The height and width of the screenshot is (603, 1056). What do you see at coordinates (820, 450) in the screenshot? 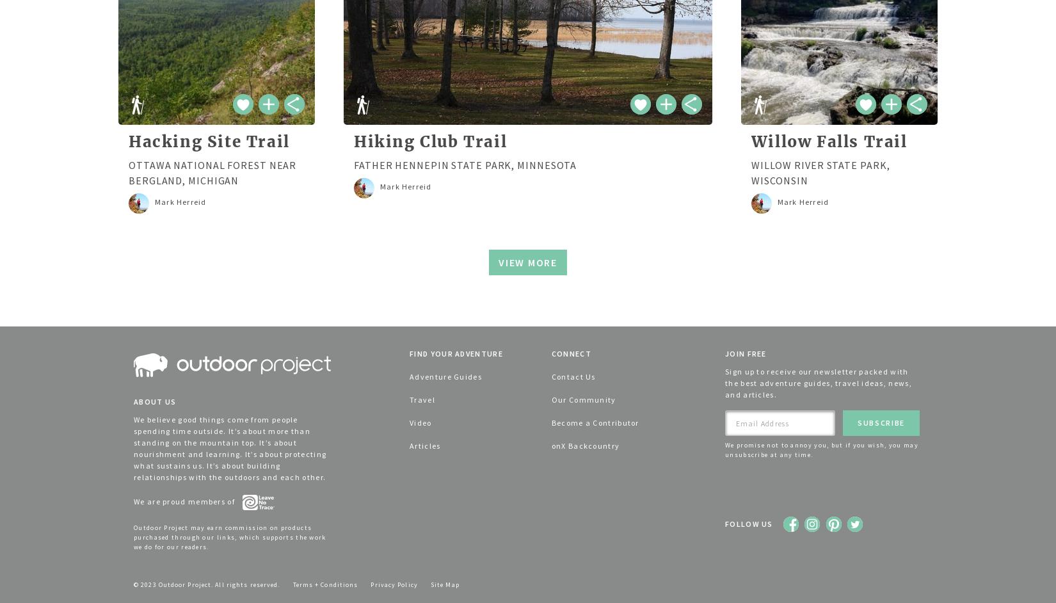
I see `'We promise not to annoy you, but if you wish, you may unsubscribe at any time.'` at bounding box center [820, 450].